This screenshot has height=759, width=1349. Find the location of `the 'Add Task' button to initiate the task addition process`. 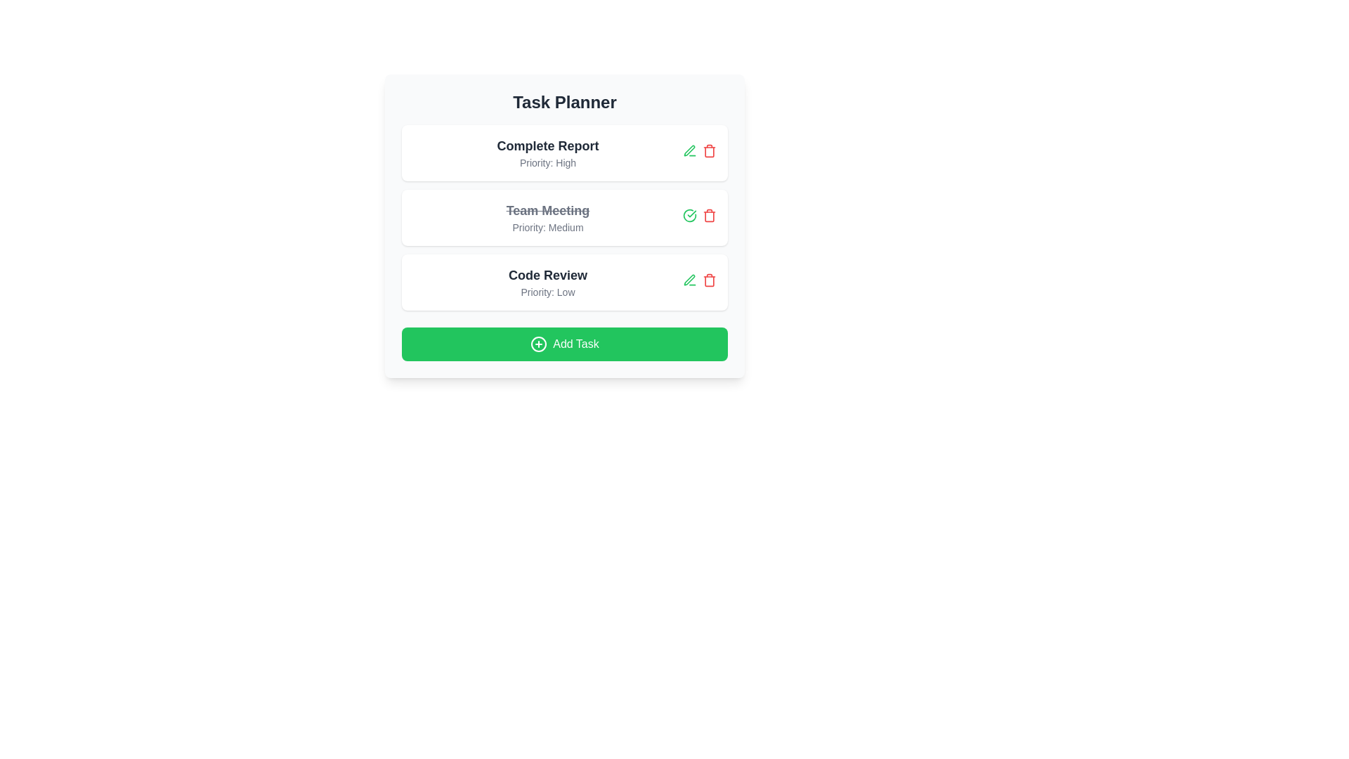

the 'Add Task' button to initiate the task addition process is located at coordinates (565, 344).